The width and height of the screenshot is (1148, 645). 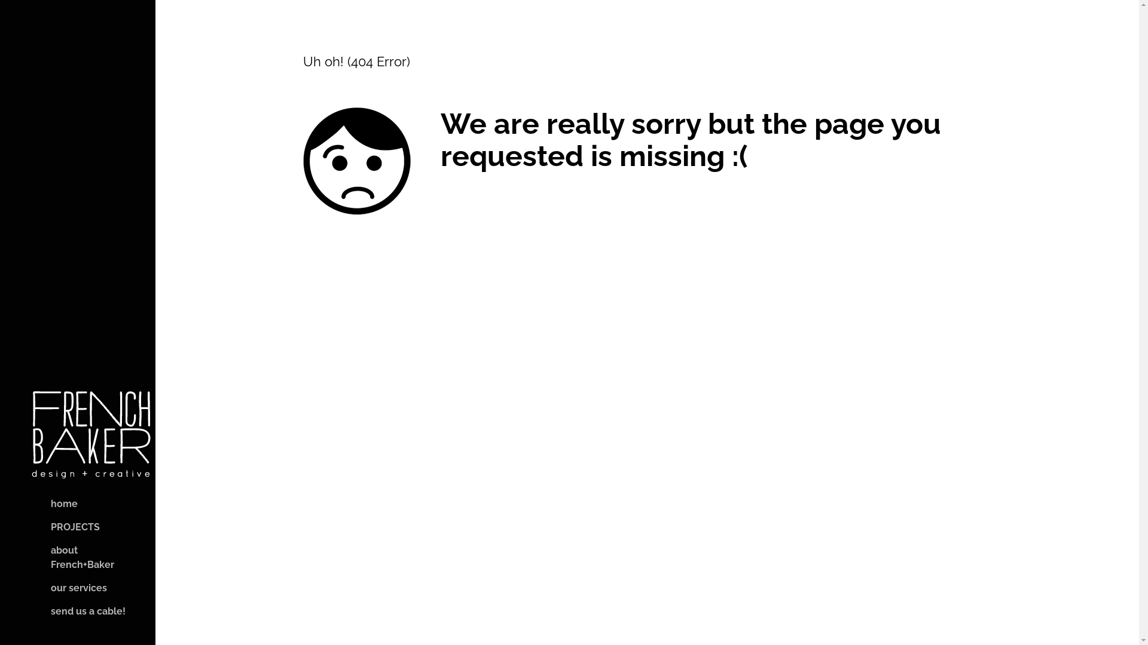 What do you see at coordinates (29, 557) in the screenshot?
I see `'about French+Baker'` at bounding box center [29, 557].